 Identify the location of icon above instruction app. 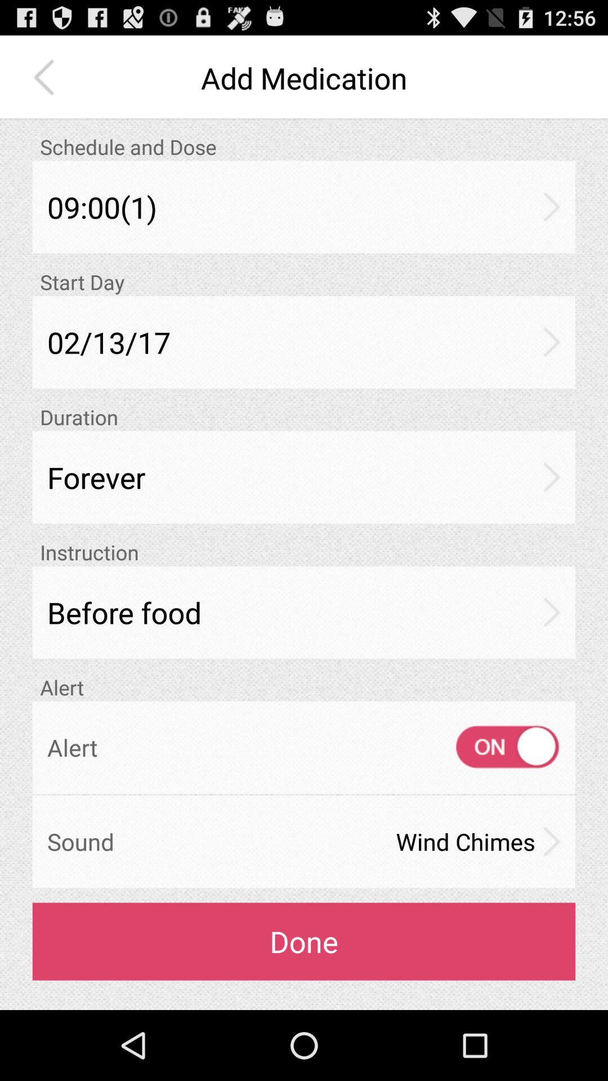
(304, 477).